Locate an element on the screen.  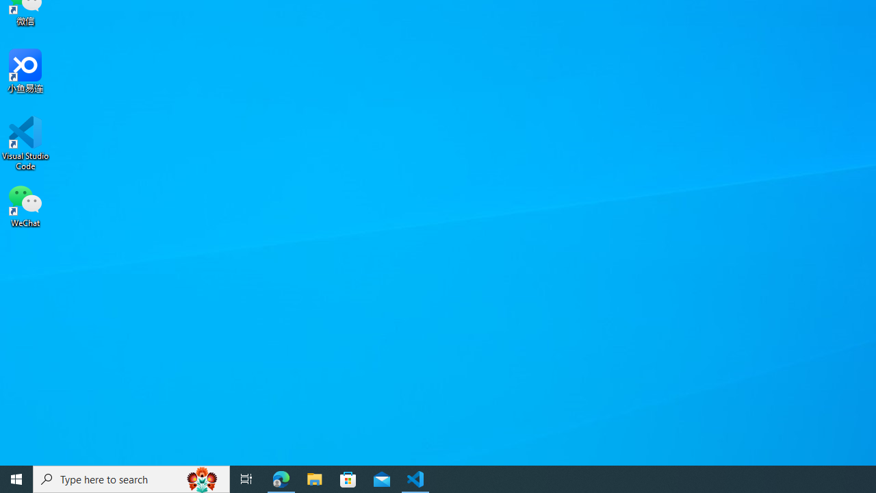
'File Explorer' is located at coordinates (314, 478).